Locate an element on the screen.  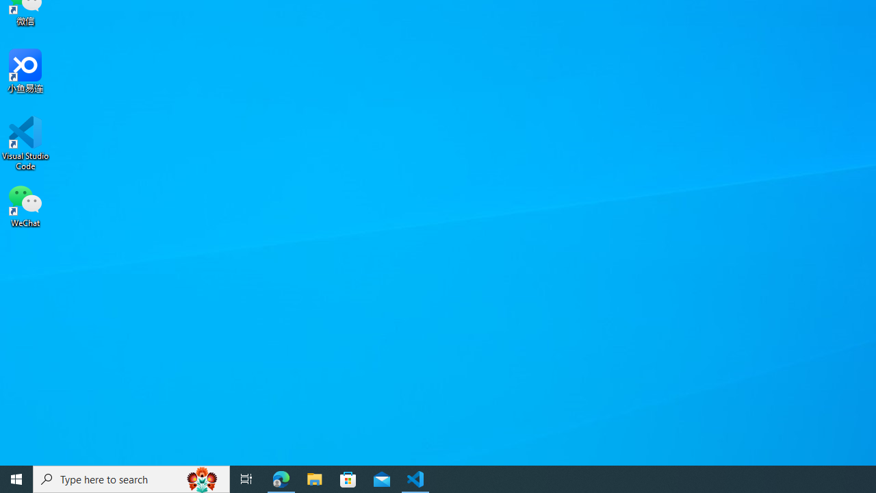
'File Explorer' is located at coordinates (314, 478).